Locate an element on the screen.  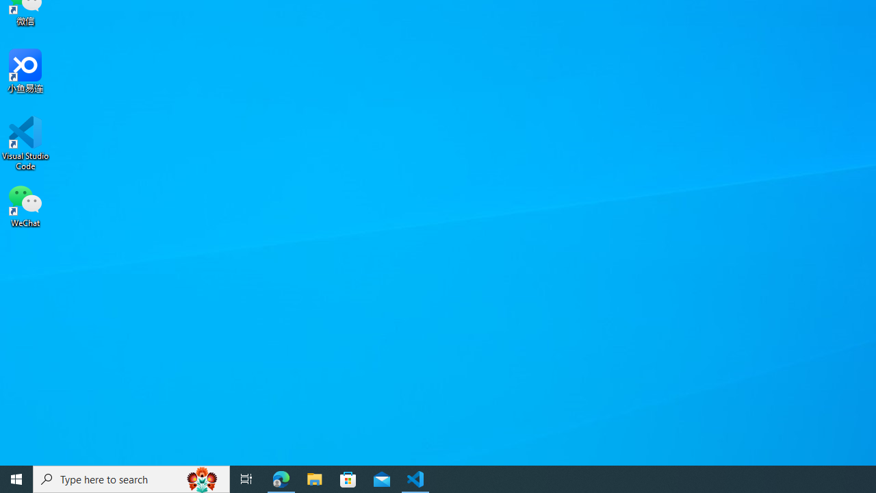
'File Explorer' is located at coordinates (314, 478).